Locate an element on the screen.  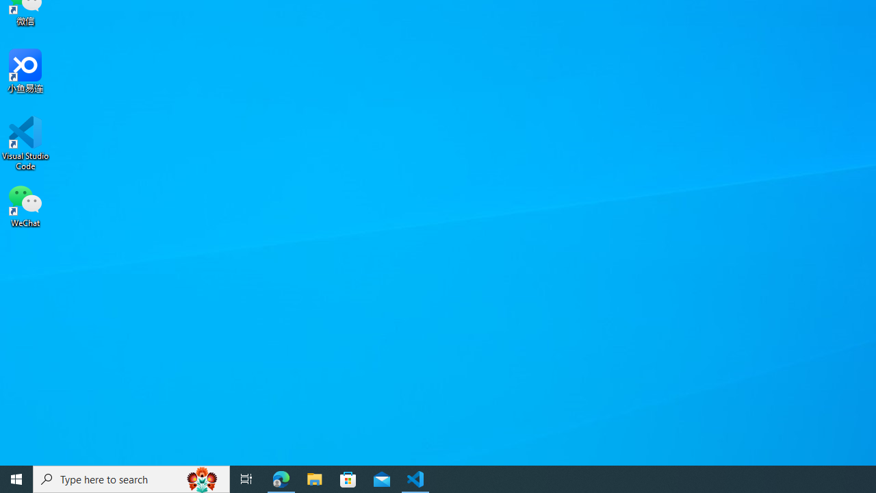
'File Explorer' is located at coordinates (314, 478).